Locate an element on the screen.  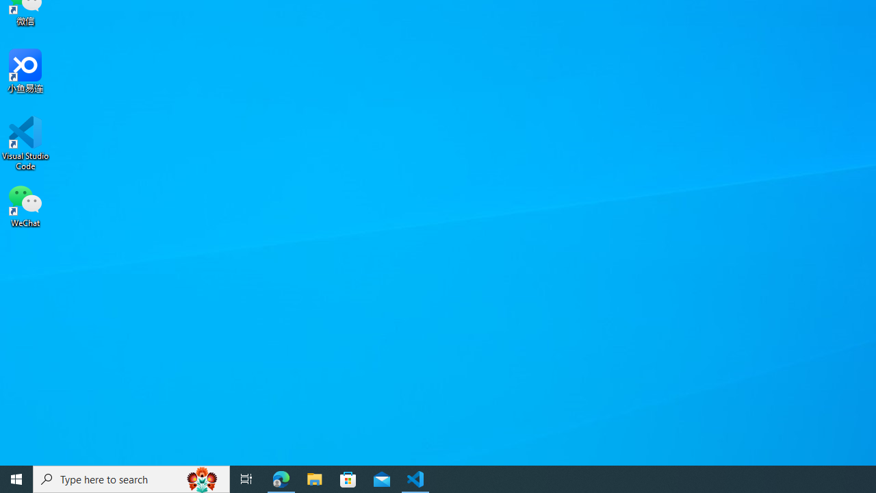
'File Explorer' is located at coordinates (314, 478).